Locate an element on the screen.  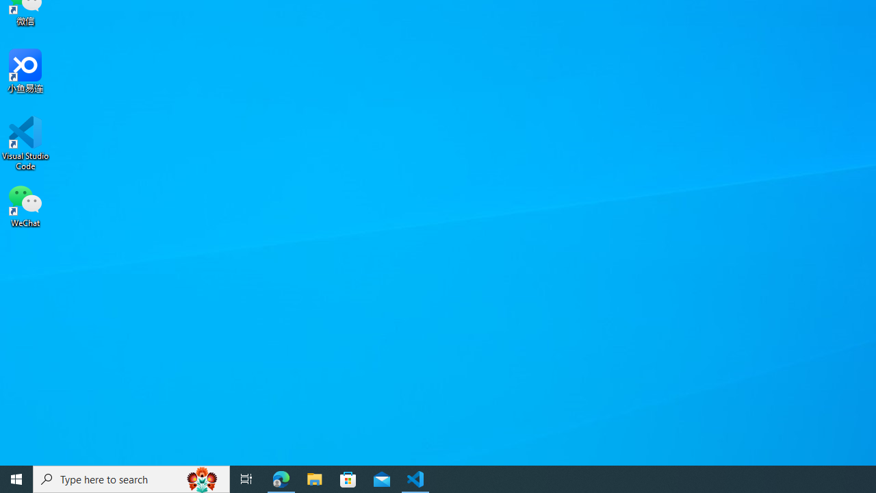
'File Explorer' is located at coordinates (314, 478).